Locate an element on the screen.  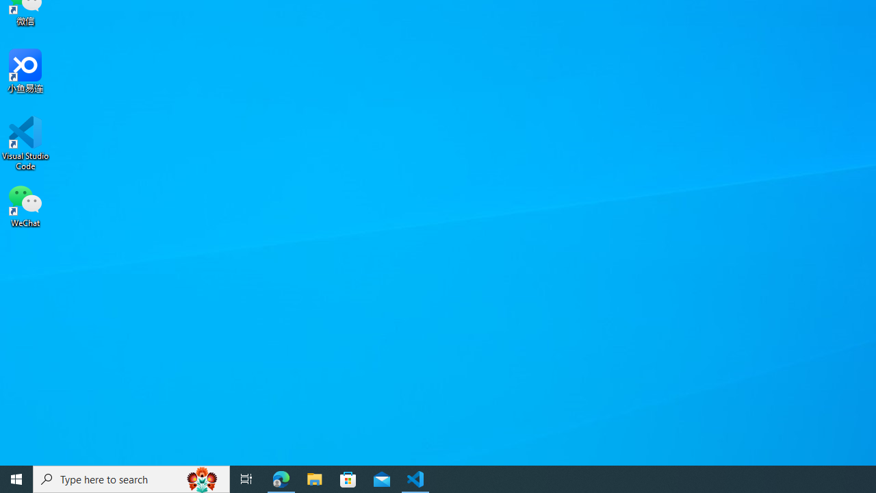
'File Explorer' is located at coordinates (314, 478).